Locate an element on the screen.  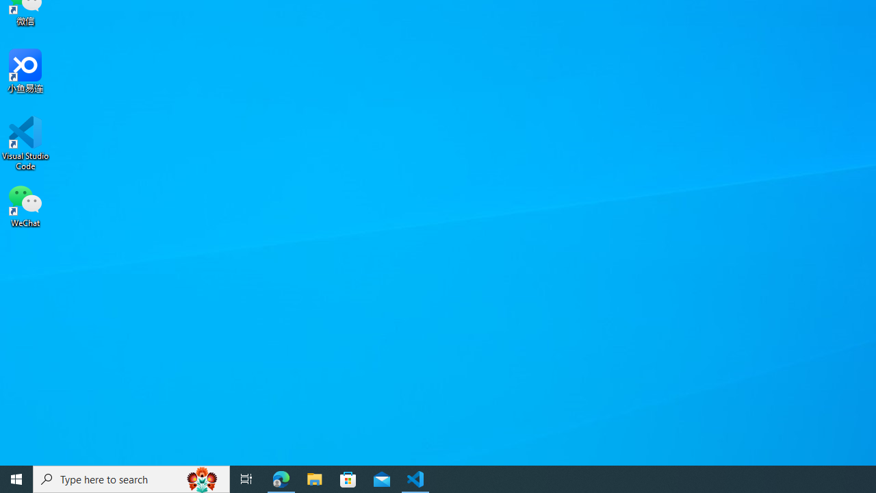
'File Explorer' is located at coordinates (314, 478).